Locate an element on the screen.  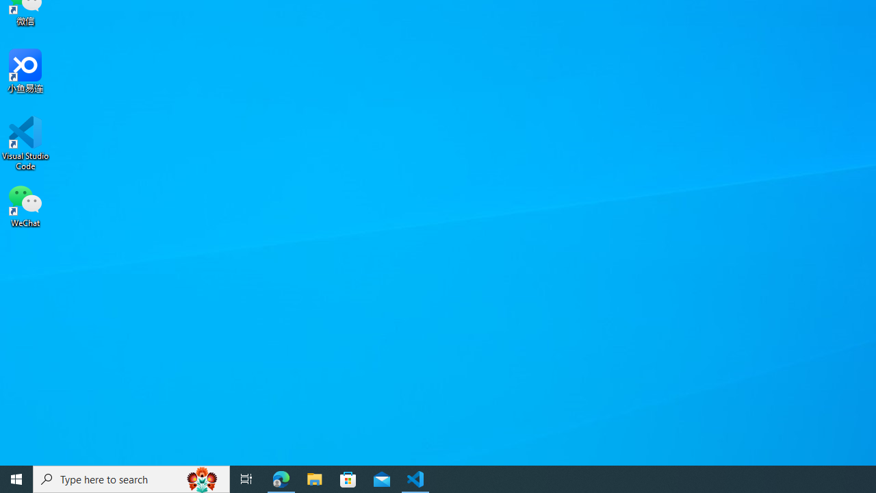
'File Explorer' is located at coordinates (314, 478).